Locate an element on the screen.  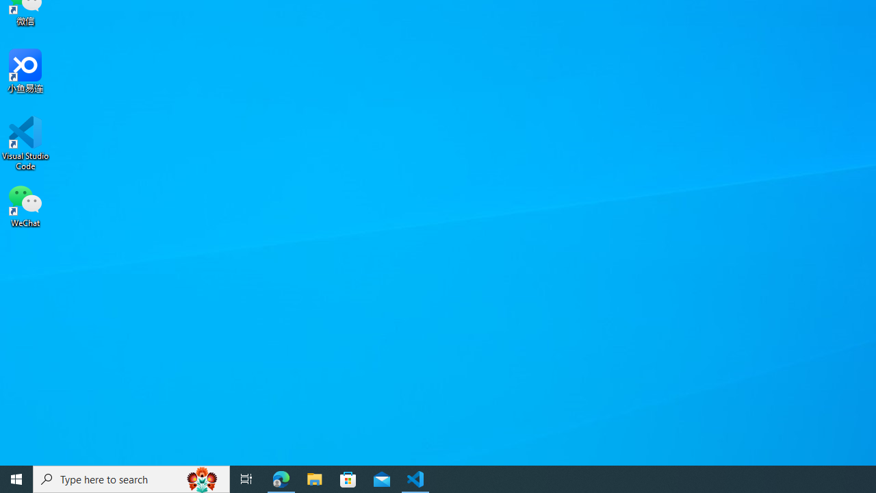
'File Explorer' is located at coordinates (314, 478).